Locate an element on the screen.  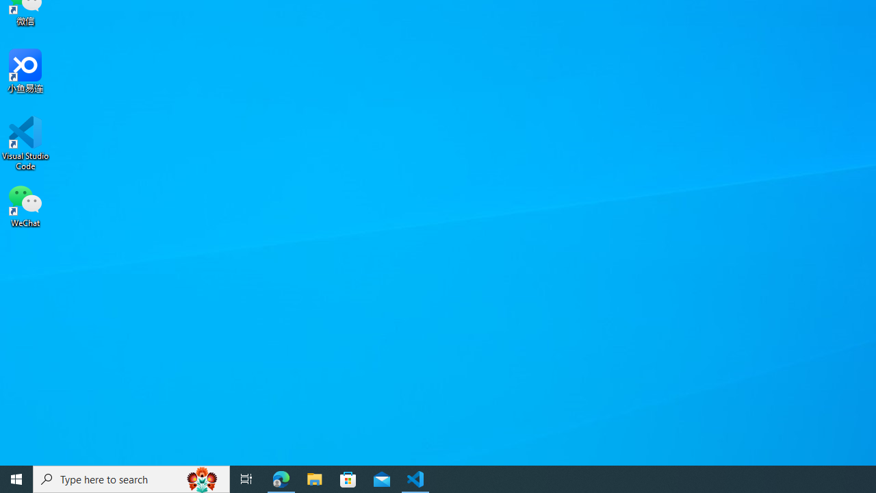
'File Explorer' is located at coordinates (314, 478).